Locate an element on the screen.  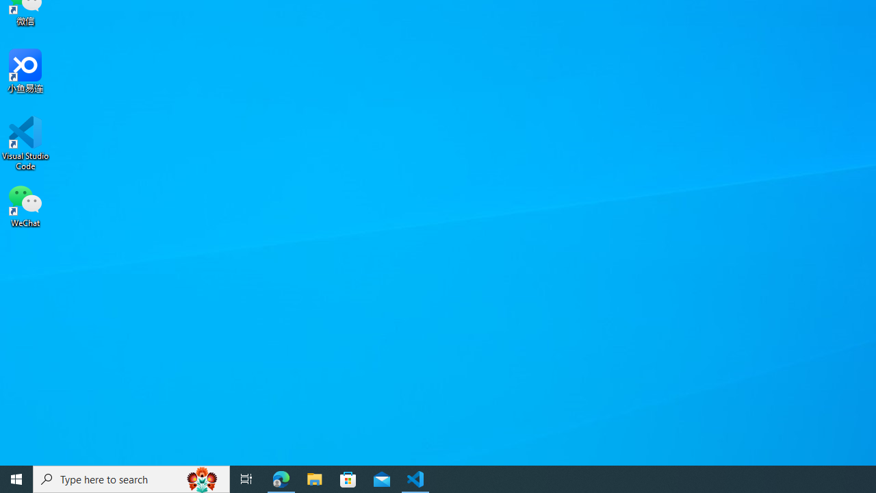
'File Explorer' is located at coordinates (314, 478).